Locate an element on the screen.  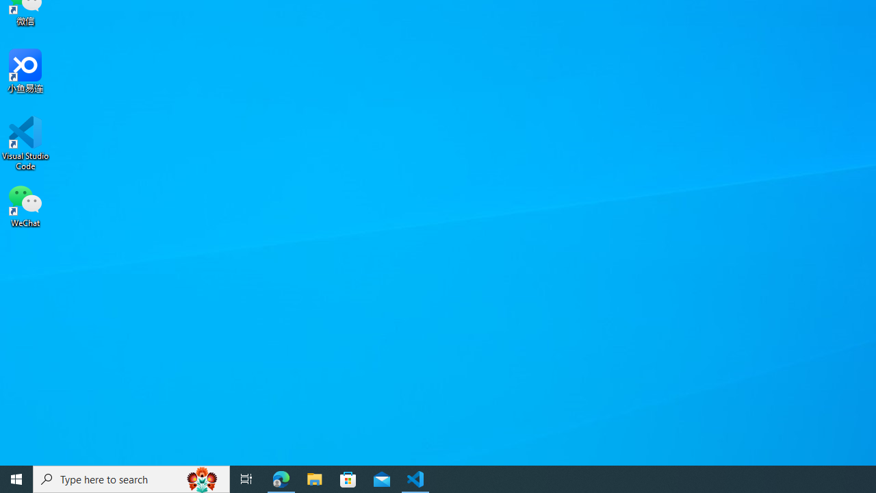
'File Explorer' is located at coordinates (314, 478).